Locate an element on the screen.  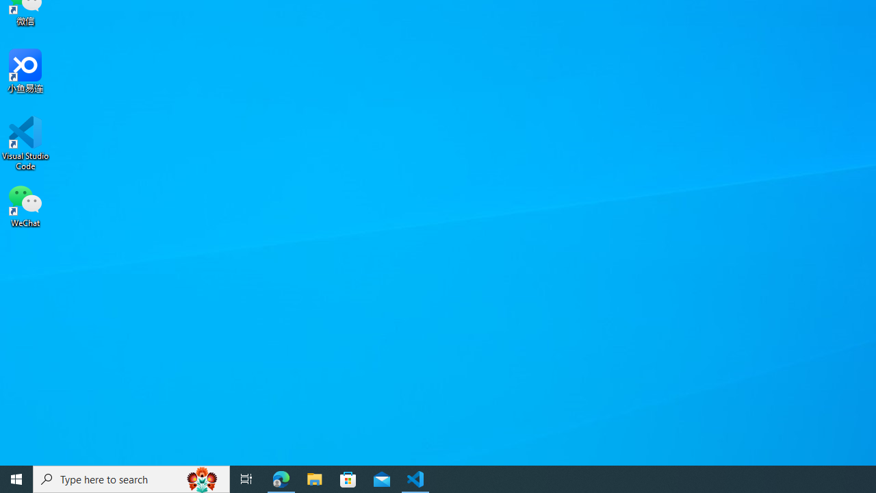
'File Explorer' is located at coordinates (314, 478).